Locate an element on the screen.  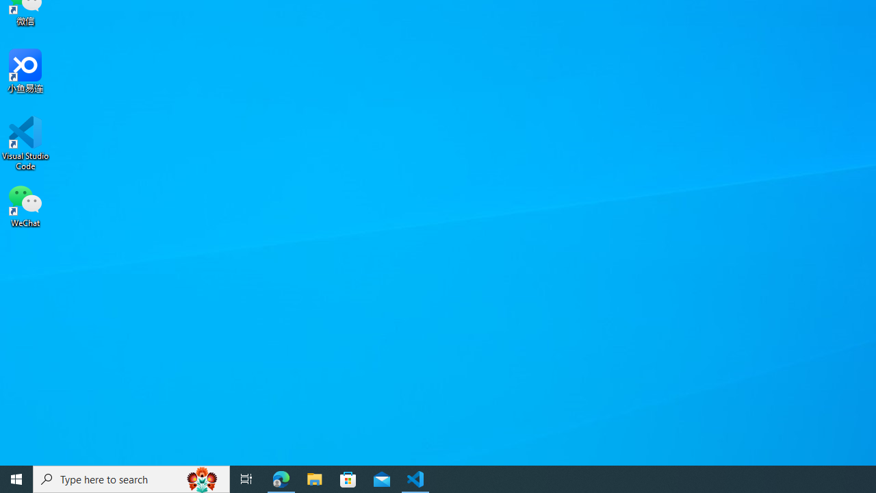
'File Explorer' is located at coordinates (314, 478).